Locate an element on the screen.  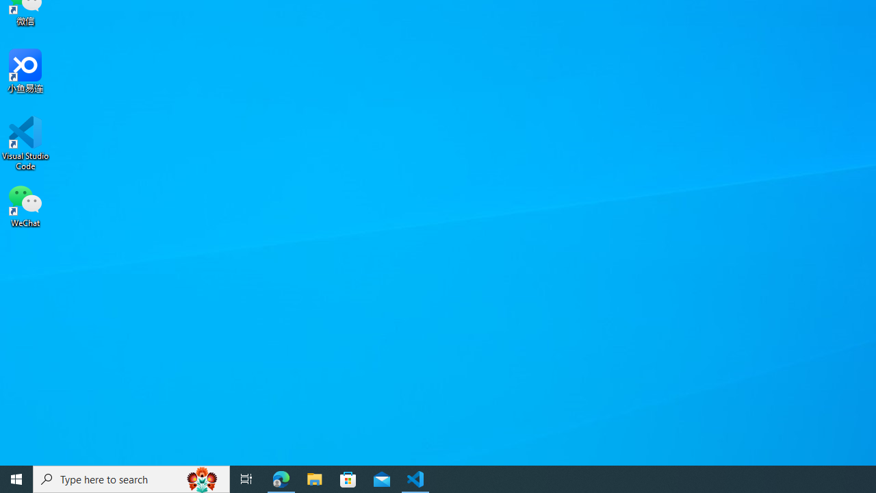
'File Explorer' is located at coordinates (314, 478).